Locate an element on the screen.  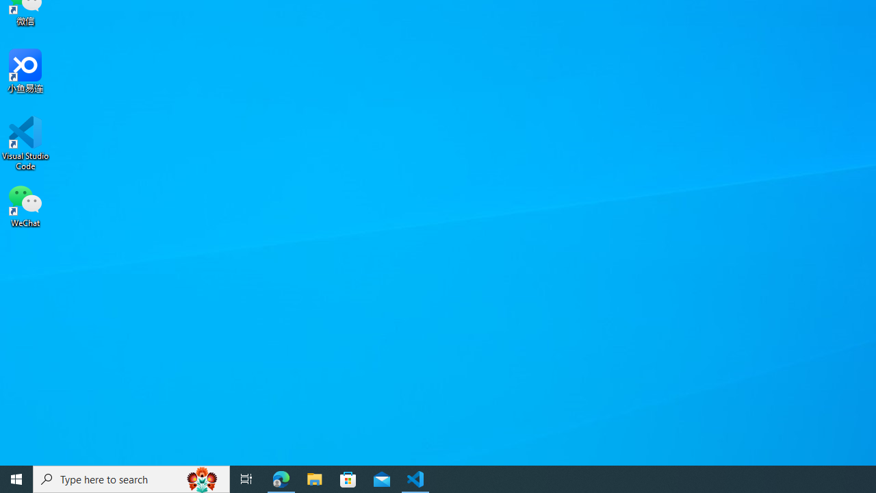
'File Explorer' is located at coordinates (314, 478).